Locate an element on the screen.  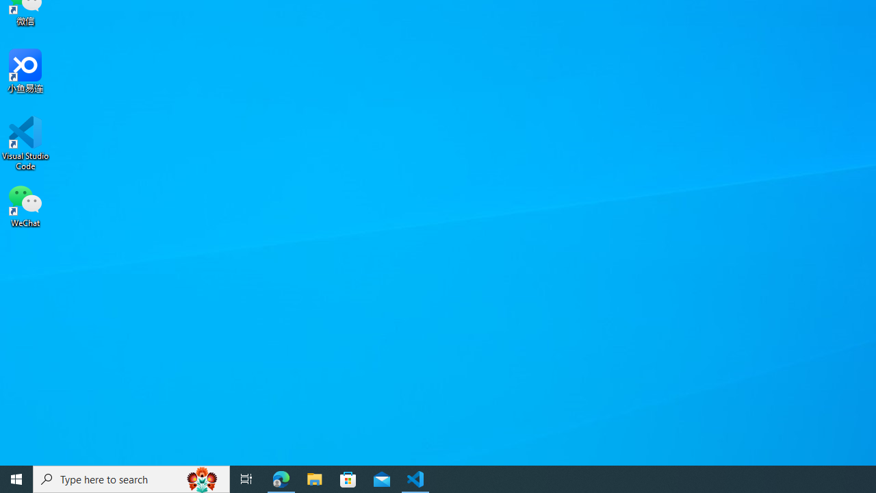
'File Explorer' is located at coordinates (314, 478).